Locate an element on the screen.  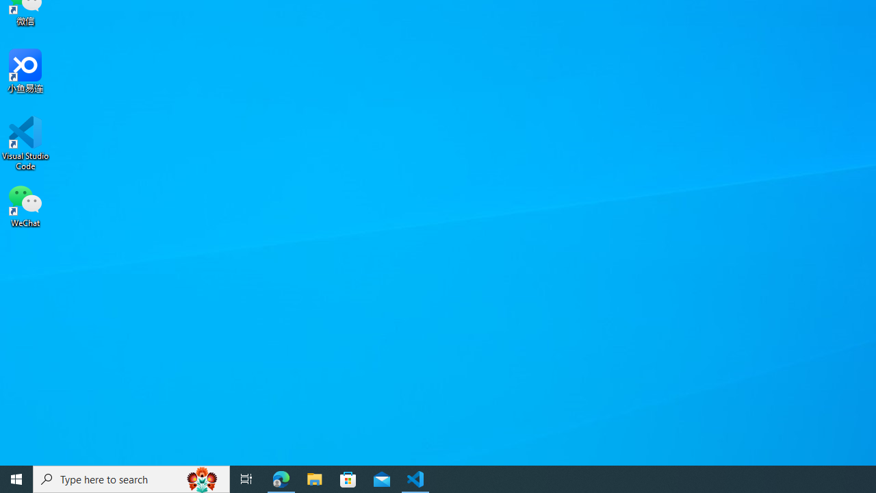
'File Explorer' is located at coordinates (314, 478).